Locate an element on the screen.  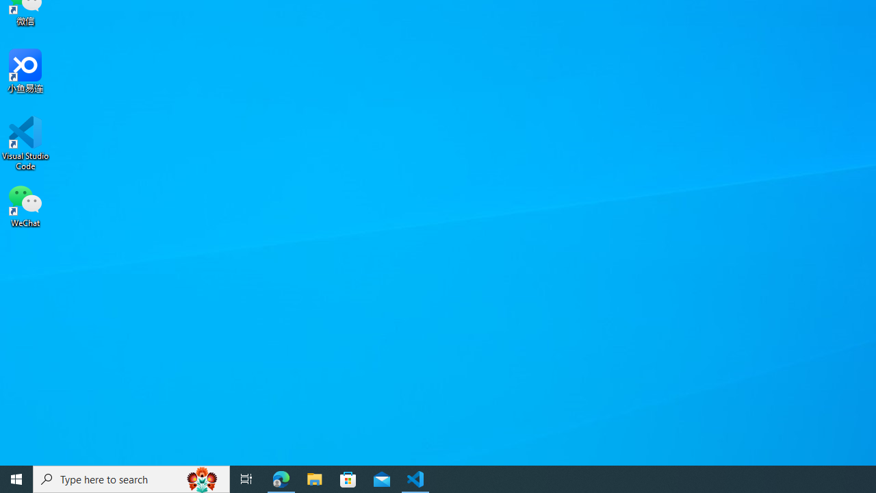
'File Explorer' is located at coordinates (314, 478).